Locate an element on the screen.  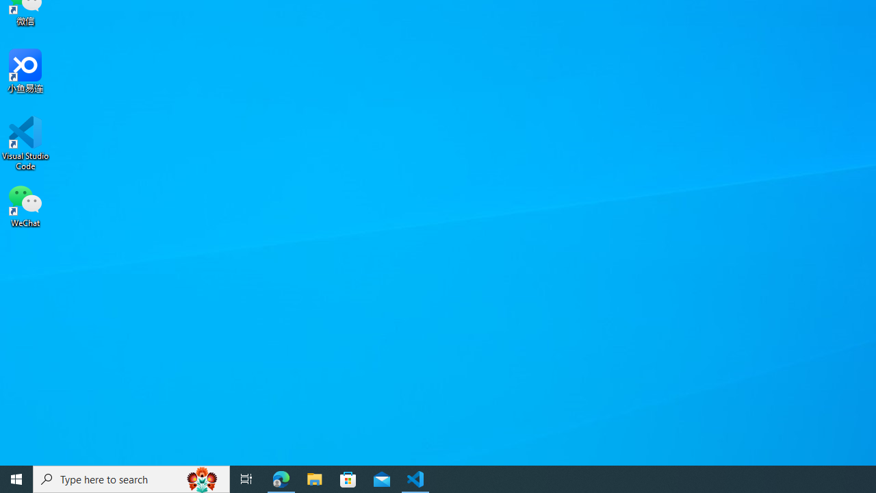
'File Explorer' is located at coordinates (314, 478).